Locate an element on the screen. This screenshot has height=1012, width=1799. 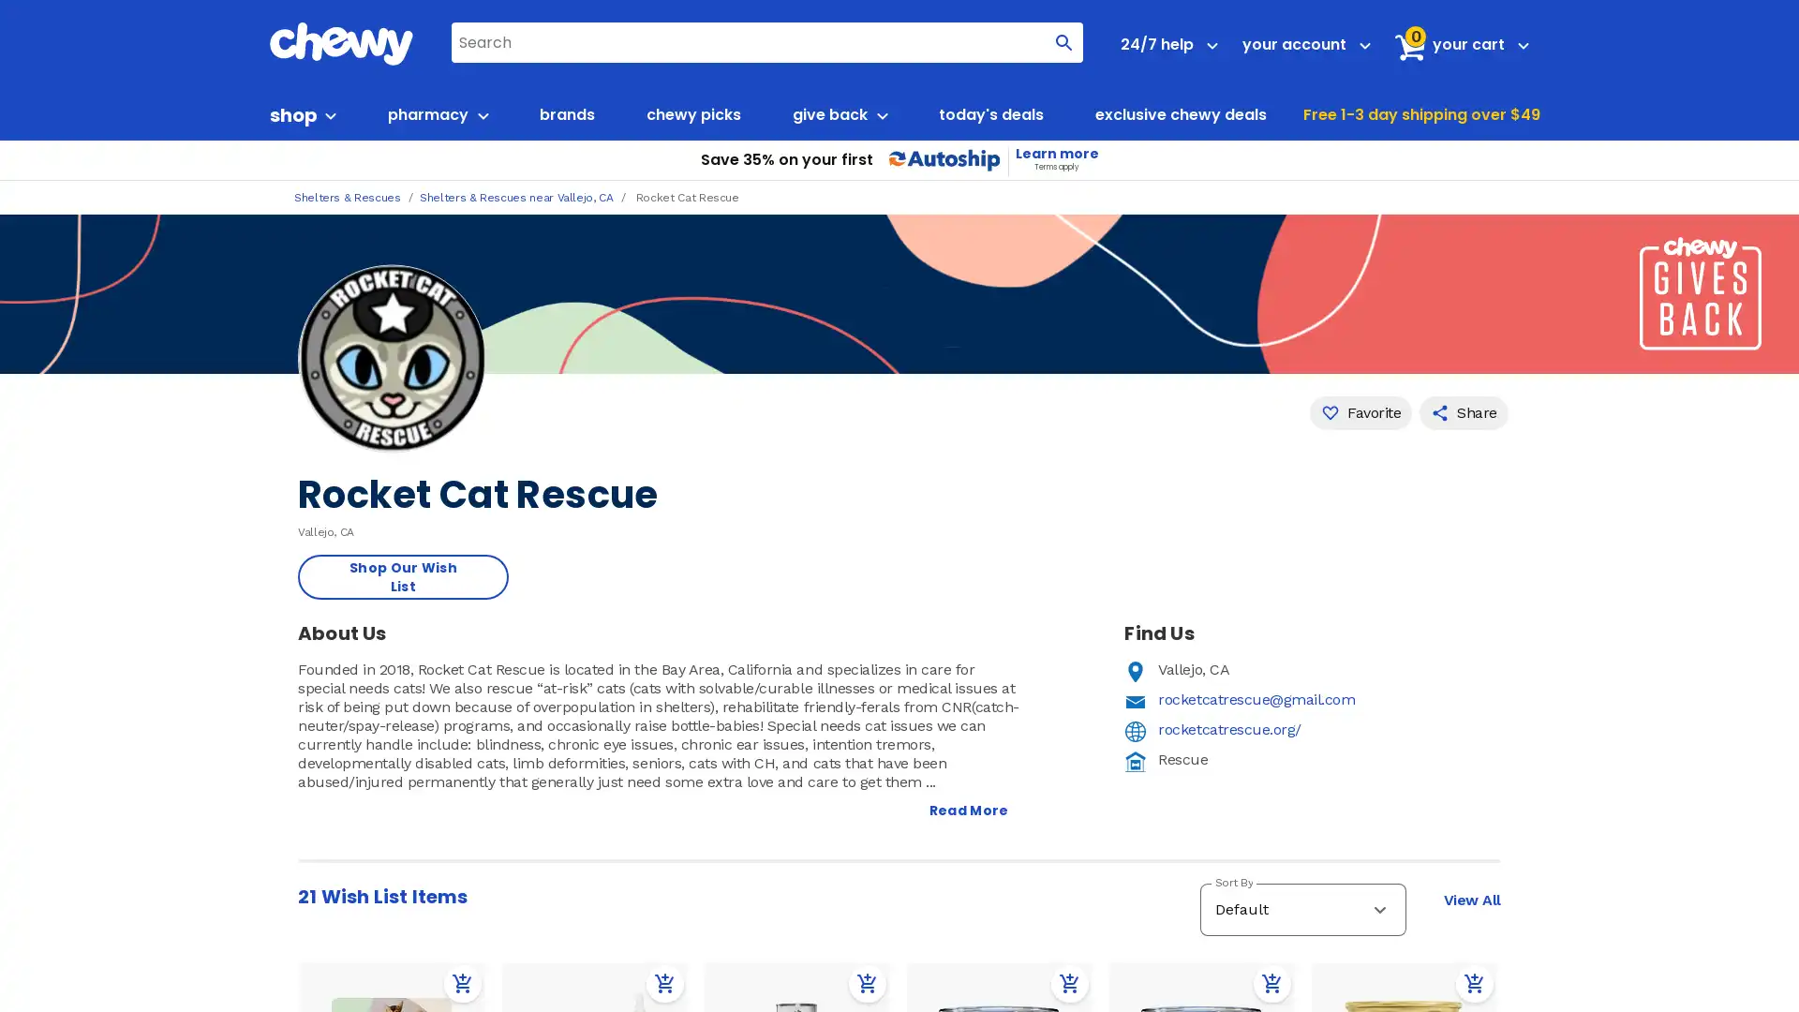
Open Give Back sub-menu is located at coordinates (880, 115).